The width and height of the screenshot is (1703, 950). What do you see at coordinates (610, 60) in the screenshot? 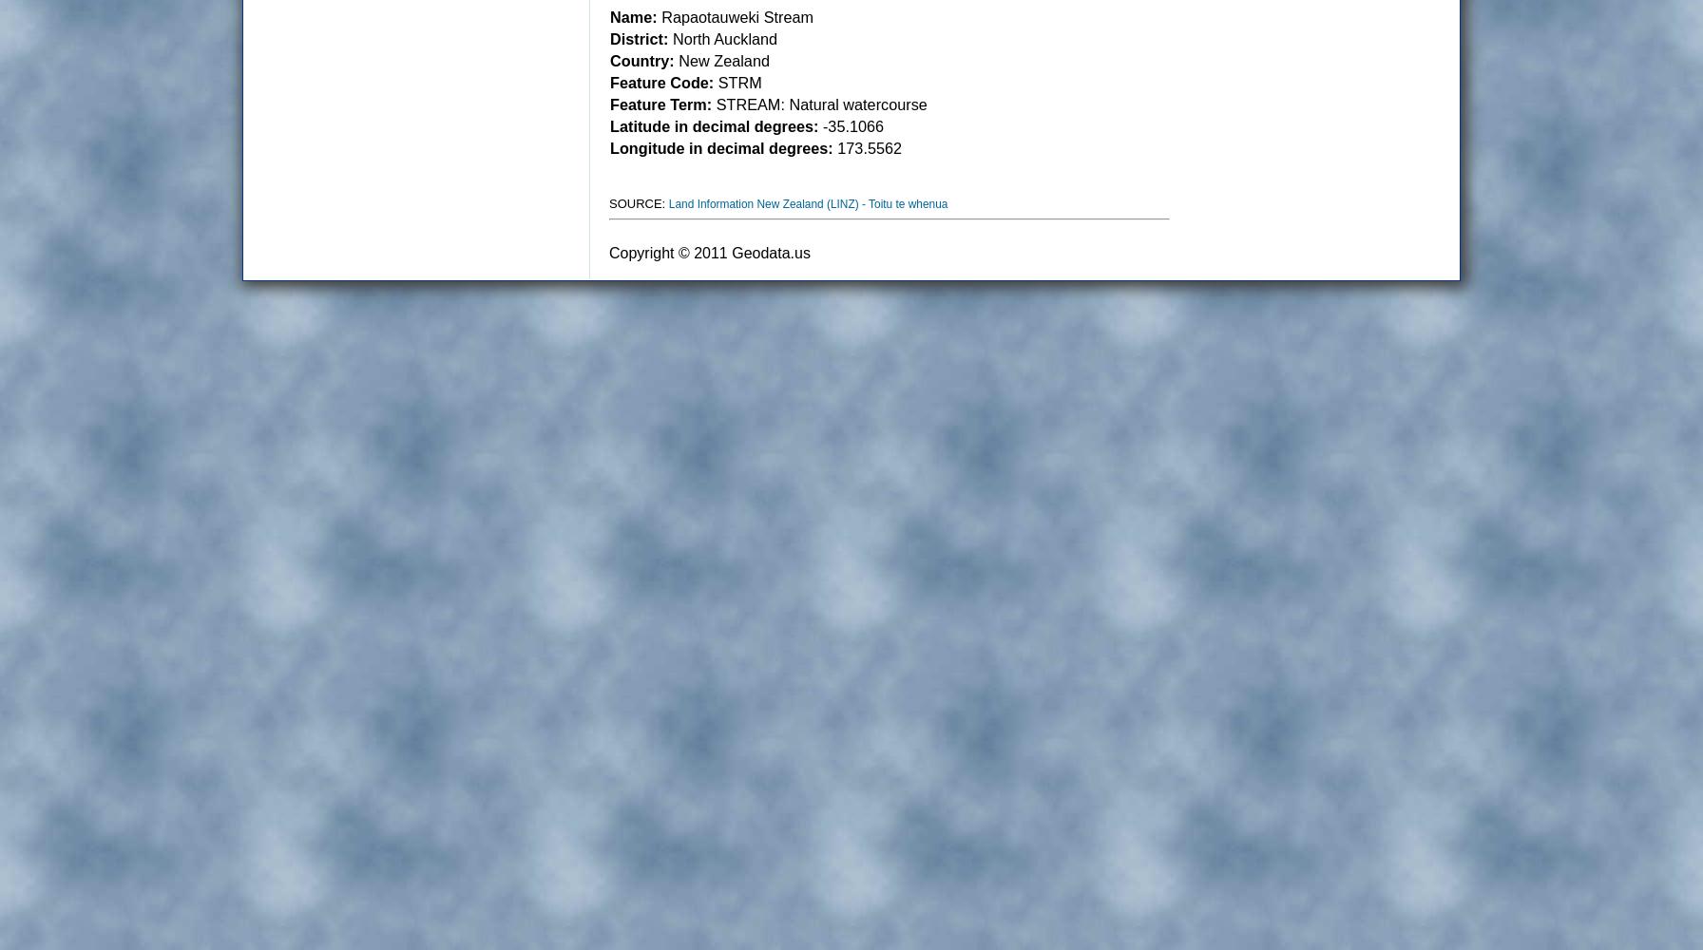
I see `'Country:'` at bounding box center [610, 60].